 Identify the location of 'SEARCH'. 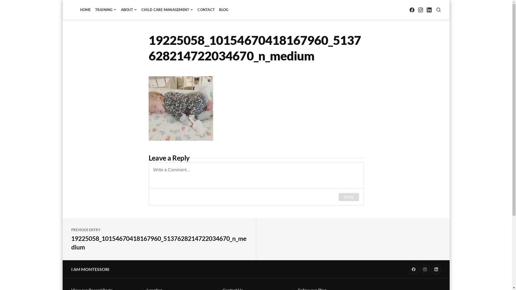
(438, 10).